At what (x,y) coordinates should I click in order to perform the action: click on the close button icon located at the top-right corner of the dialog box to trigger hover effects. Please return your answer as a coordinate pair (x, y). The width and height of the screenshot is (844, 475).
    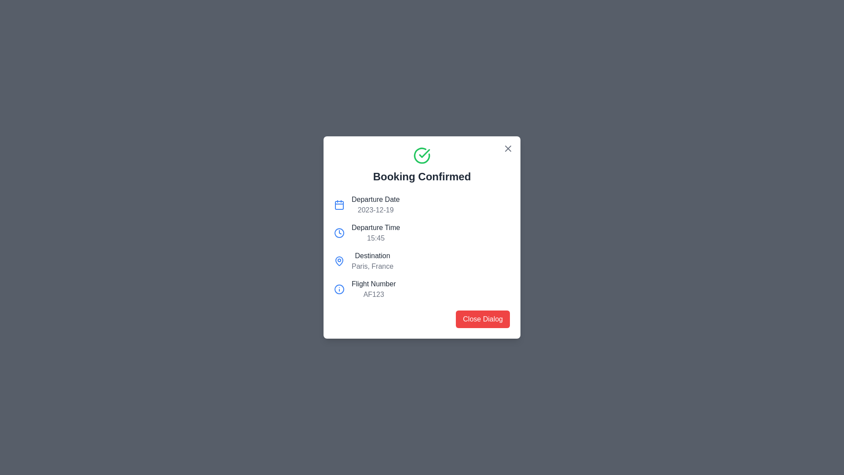
    Looking at the image, I should click on (508, 148).